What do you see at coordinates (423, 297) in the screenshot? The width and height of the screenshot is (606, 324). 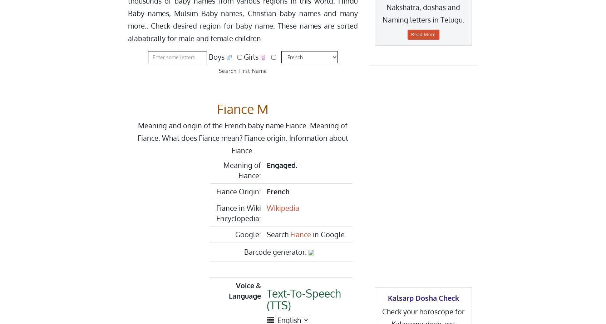 I see `'Kalsarp Dosha Check'` at bounding box center [423, 297].